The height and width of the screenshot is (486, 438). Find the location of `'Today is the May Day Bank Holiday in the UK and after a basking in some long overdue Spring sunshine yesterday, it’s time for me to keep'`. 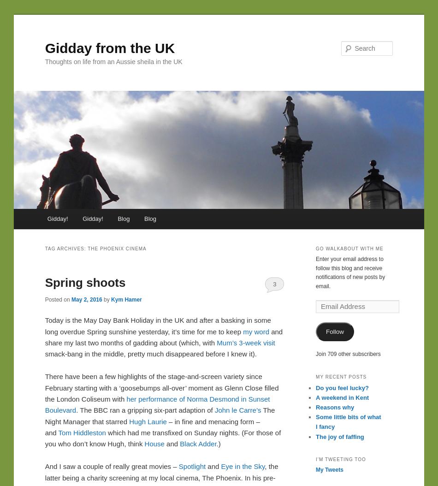

'Today is the May Day Bank Holiday in the UK and after a basking in some long overdue Spring sunshine yesterday, it’s time for me to keep' is located at coordinates (157, 325).